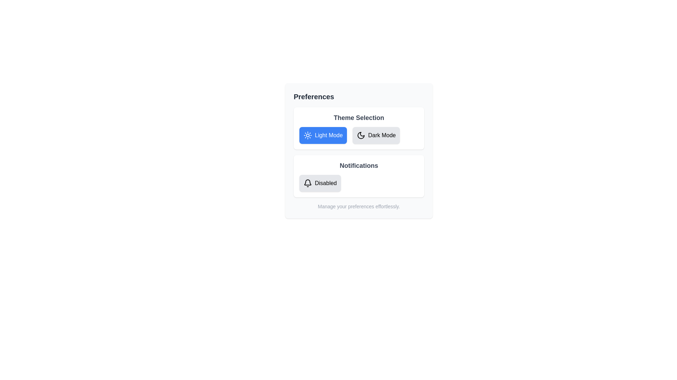 The height and width of the screenshot is (380, 677). What do you see at coordinates (361, 135) in the screenshot?
I see `the Dark Mode button in the Theme Selection section` at bounding box center [361, 135].